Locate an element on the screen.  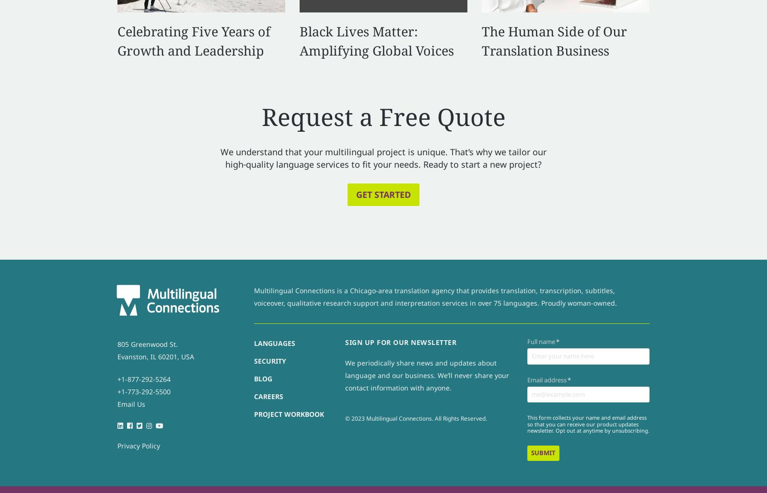
'Project Workbook' is located at coordinates (289, 413).